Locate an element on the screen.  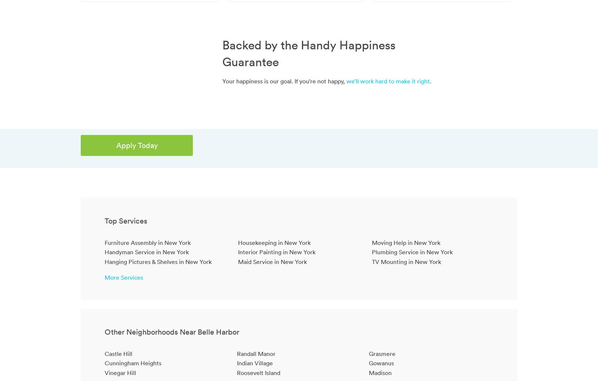
'Vinegar Hill' is located at coordinates (120, 372).